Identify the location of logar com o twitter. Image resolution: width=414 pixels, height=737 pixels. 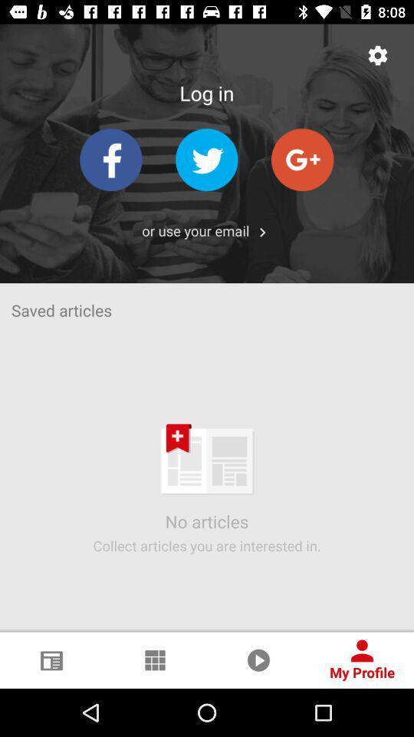
(206, 160).